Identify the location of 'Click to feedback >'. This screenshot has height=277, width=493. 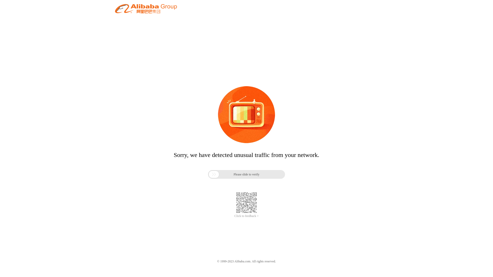
(234, 216).